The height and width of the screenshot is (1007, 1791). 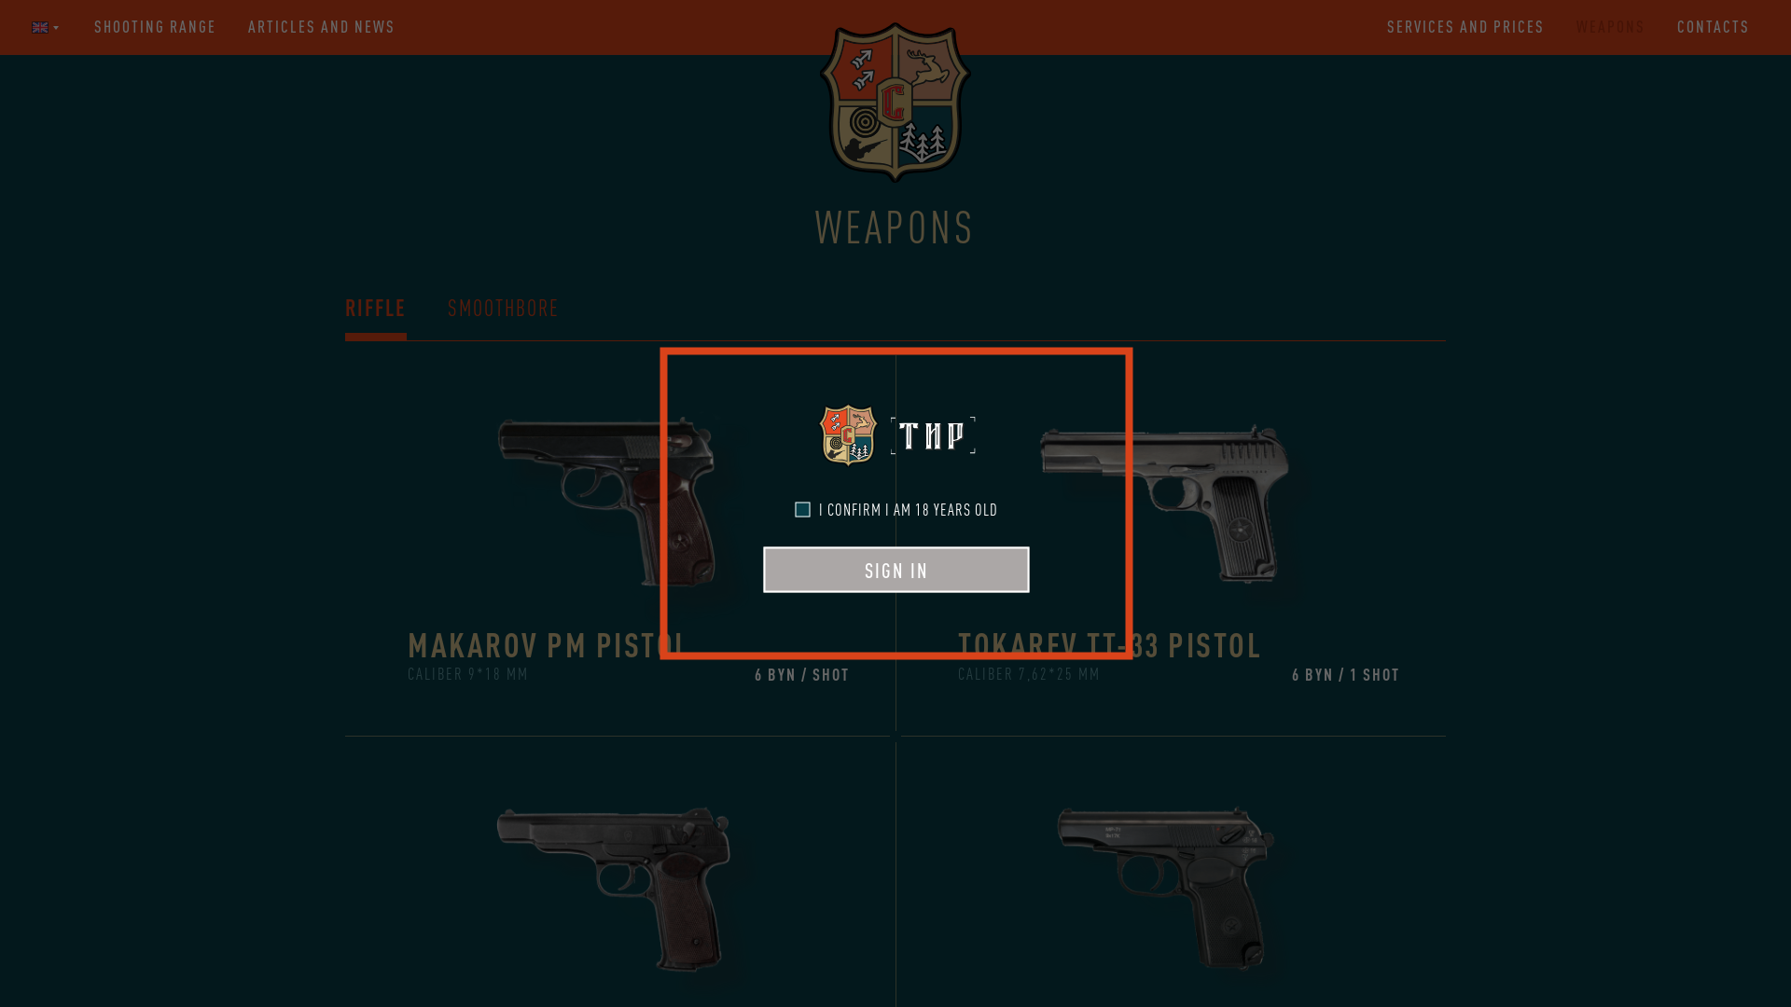 What do you see at coordinates (1387, 27) in the screenshot?
I see `'SERVICES AND PRICES'` at bounding box center [1387, 27].